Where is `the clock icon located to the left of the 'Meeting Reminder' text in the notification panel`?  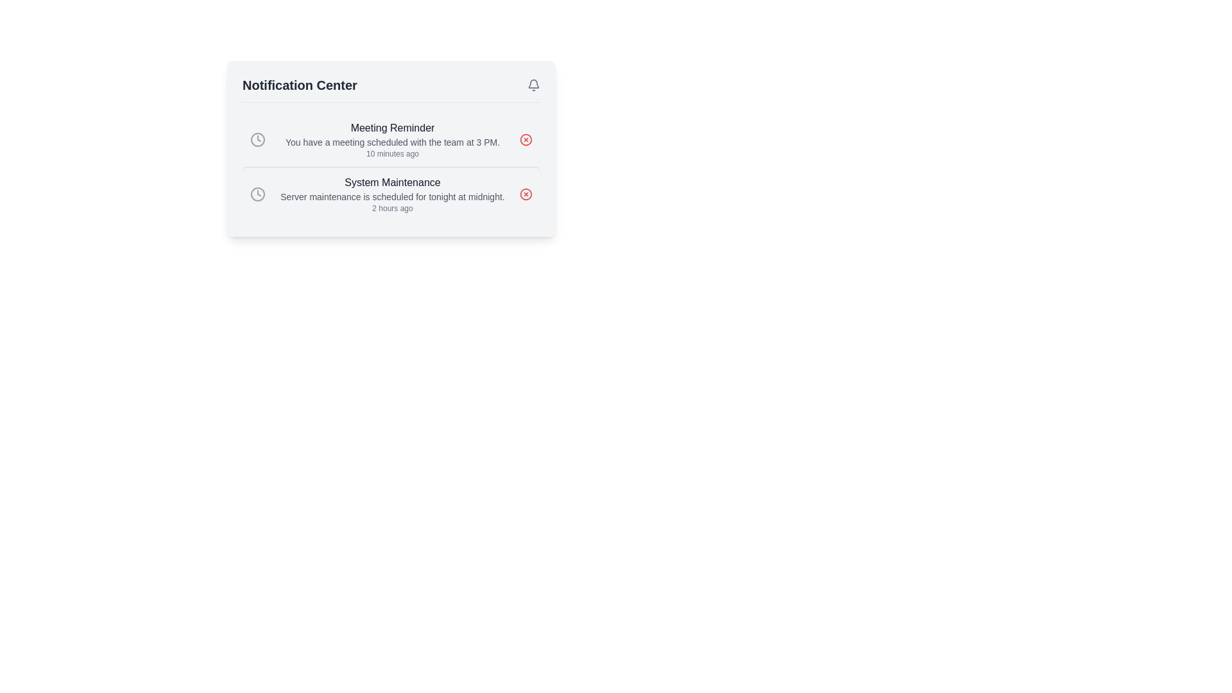
the clock icon located to the left of the 'Meeting Reminder' text in the notification panel is located at coordinates (257, 140).